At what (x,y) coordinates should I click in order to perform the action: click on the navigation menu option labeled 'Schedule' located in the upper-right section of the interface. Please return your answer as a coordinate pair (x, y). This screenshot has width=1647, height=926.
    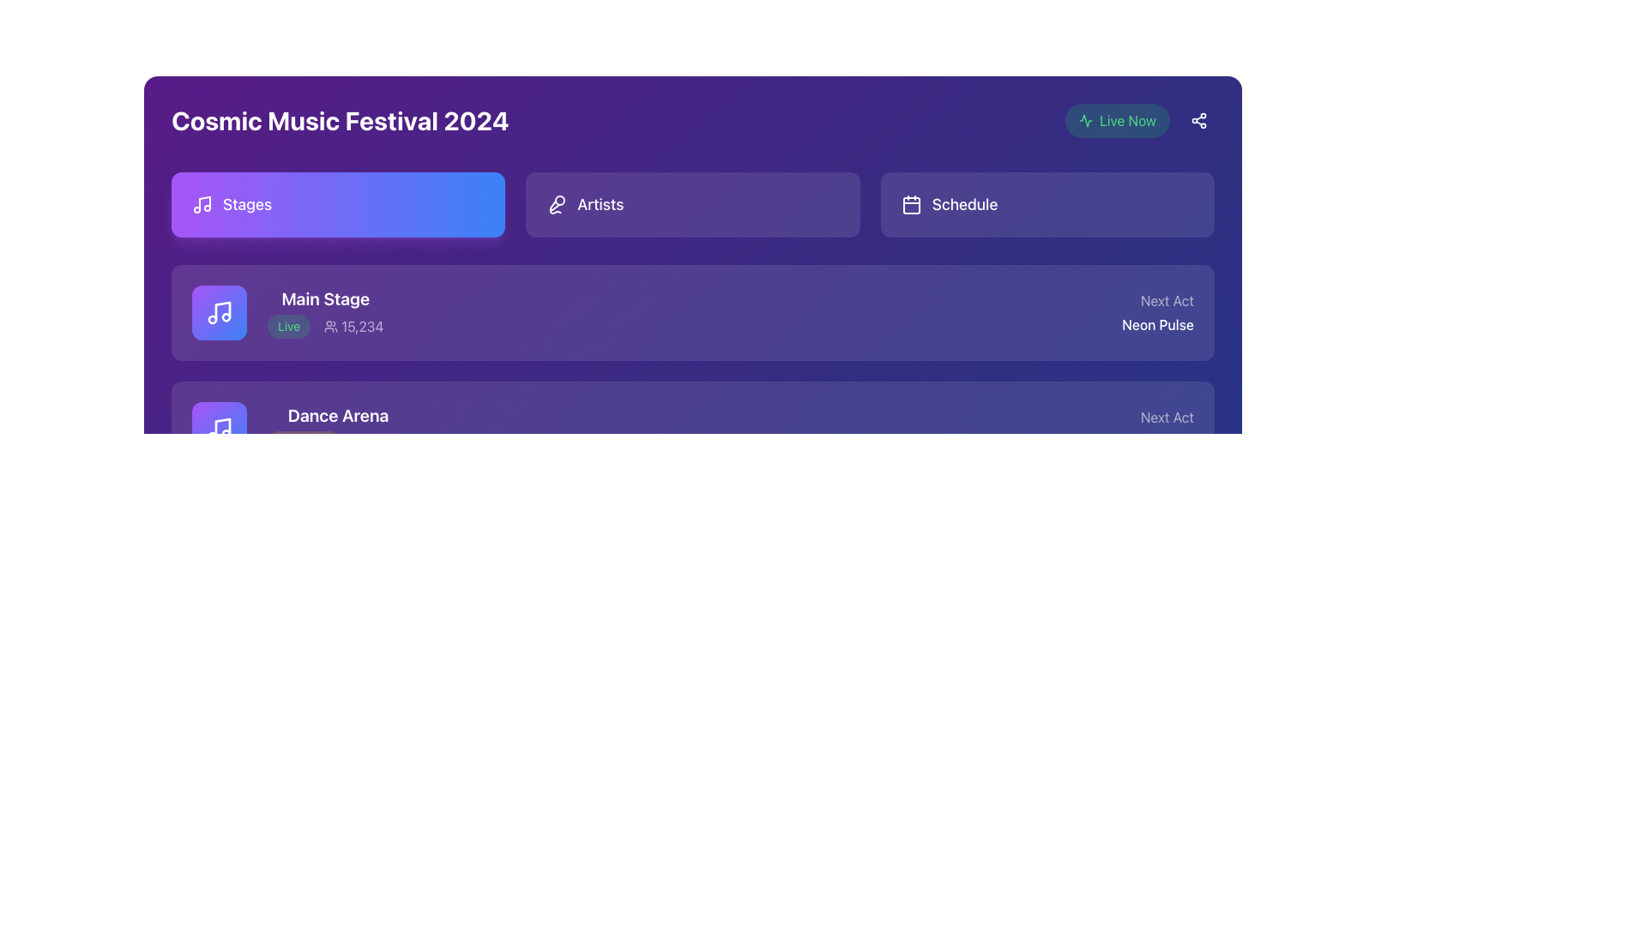
    Looking at the image, I should click on (1047, 204).